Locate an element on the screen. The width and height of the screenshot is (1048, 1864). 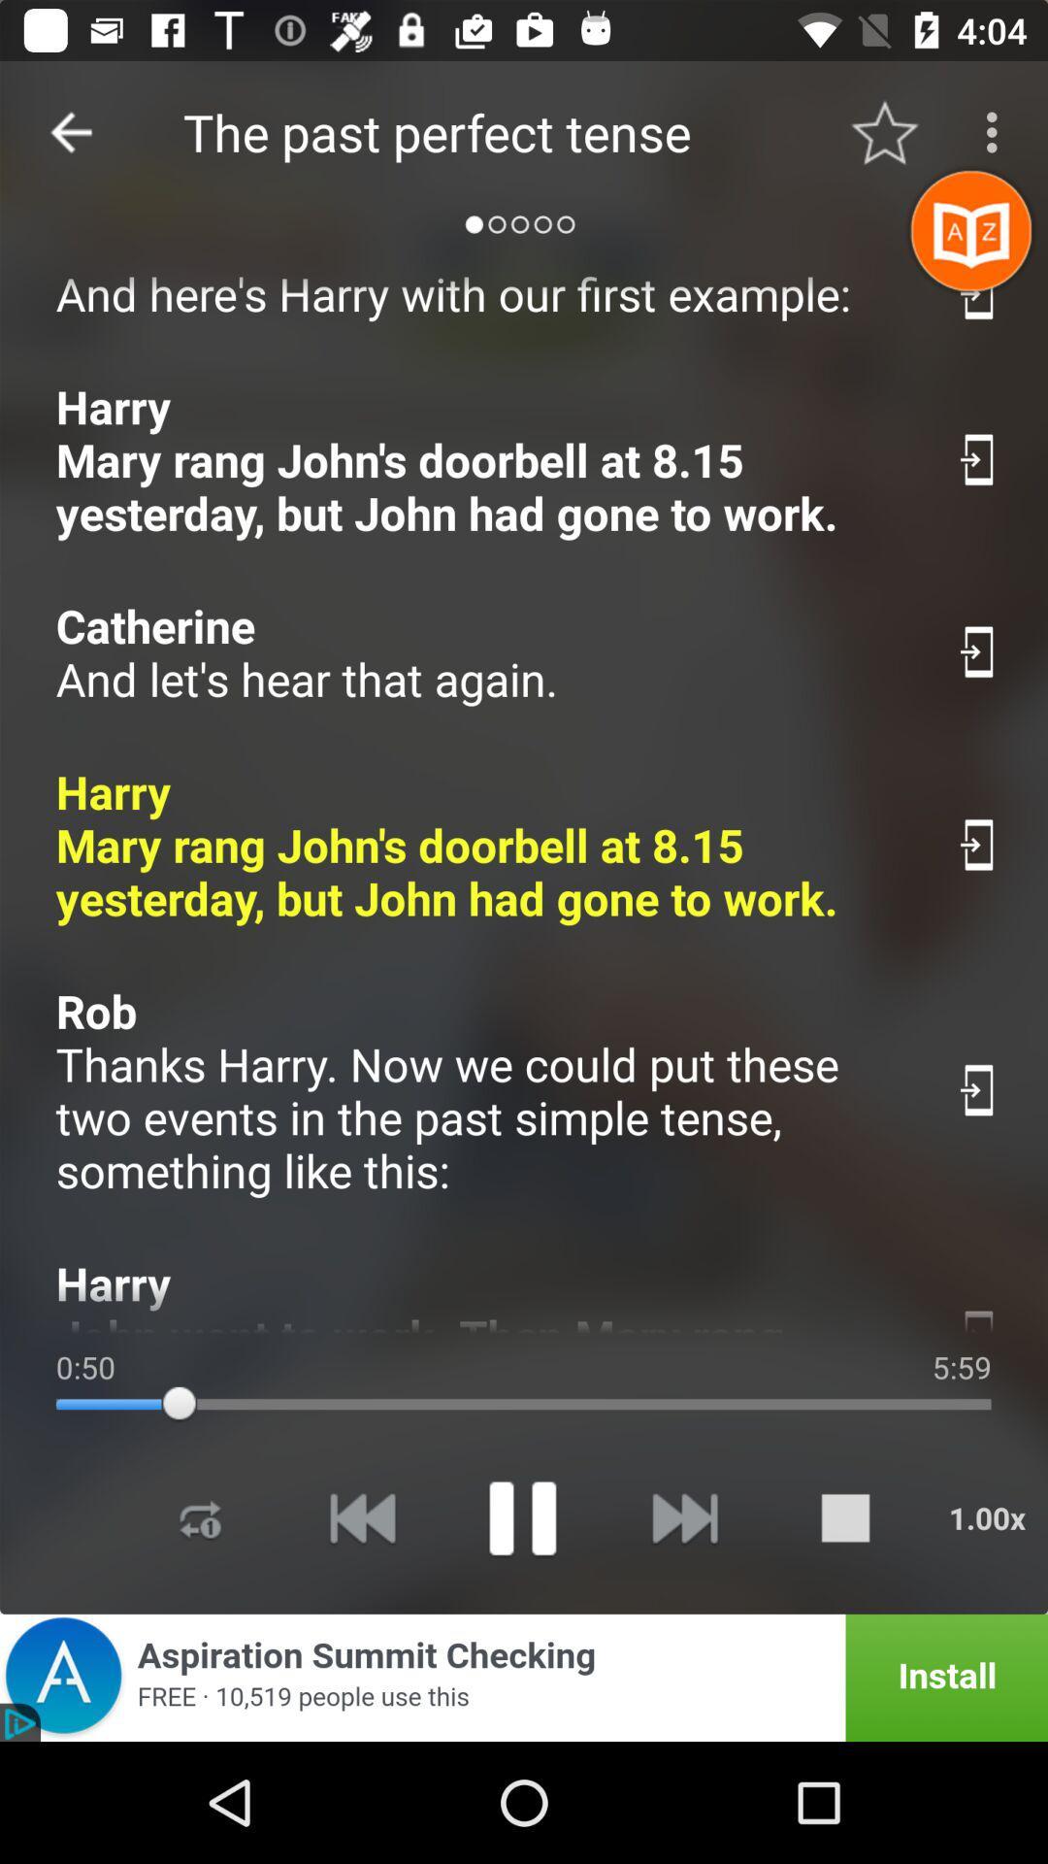
the pause icon is located at coordinates (521, 1516).